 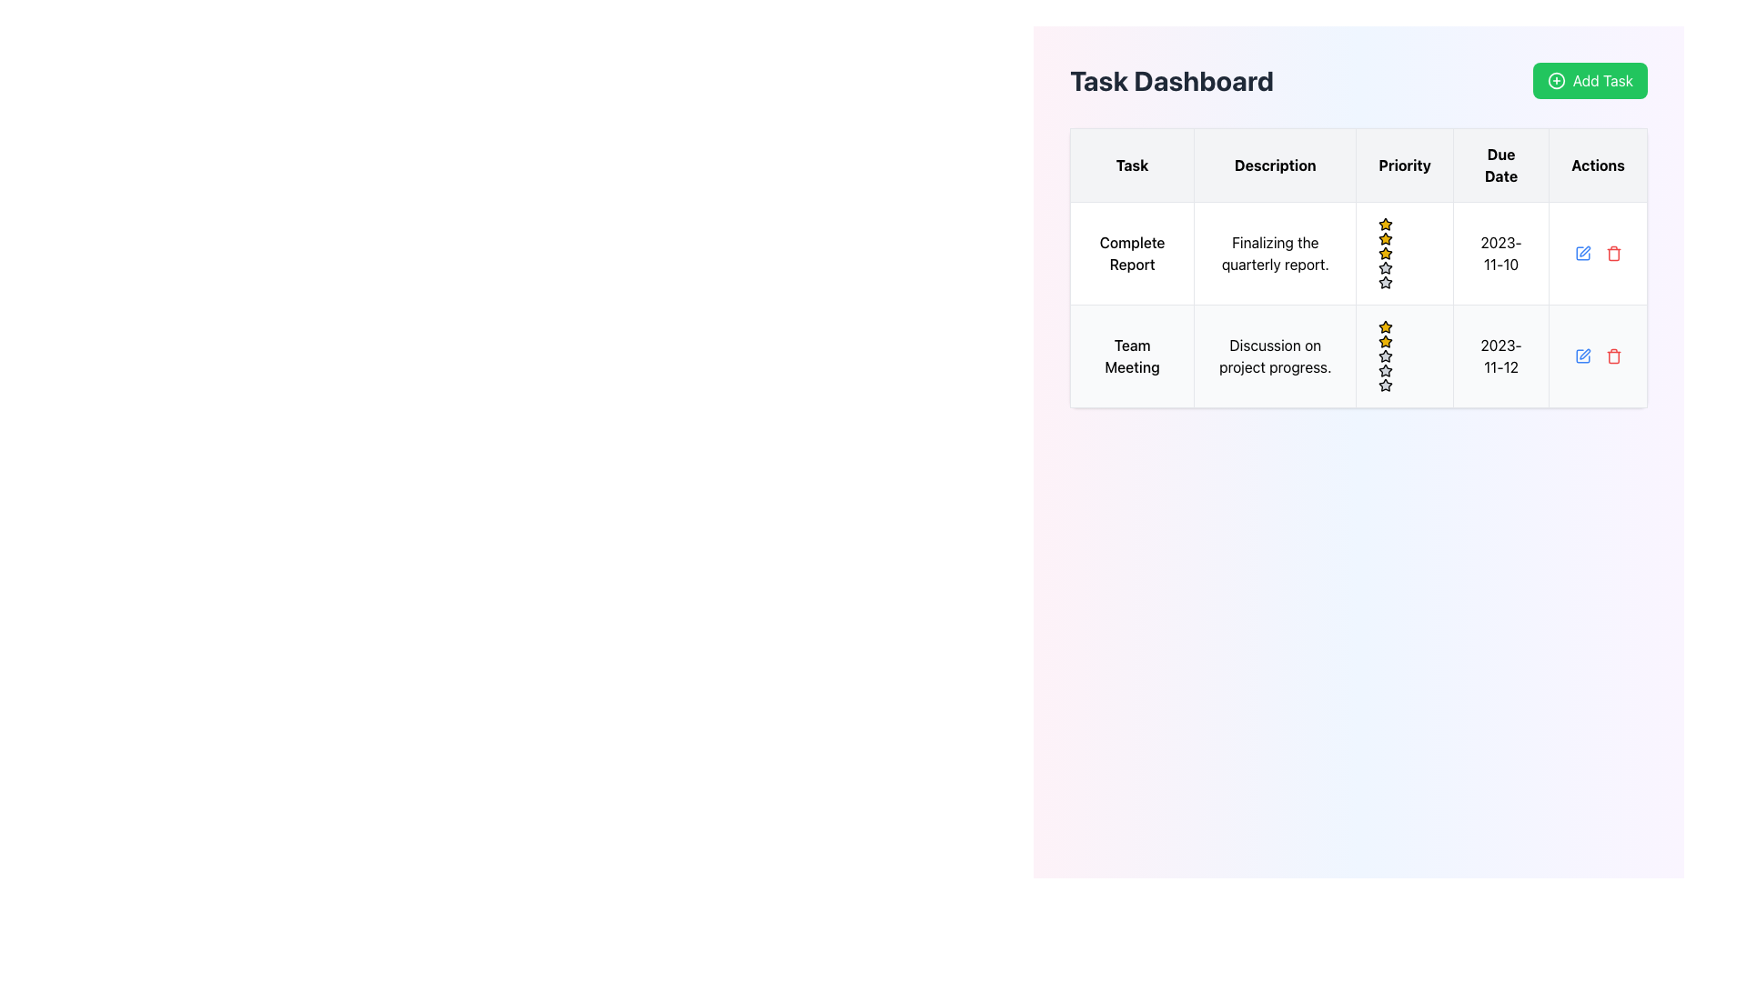 I want to click on the first Rating Star in the priority column for the 'Complete Report' task, indicating its importance or urgency, so click(x=1385, y=223).